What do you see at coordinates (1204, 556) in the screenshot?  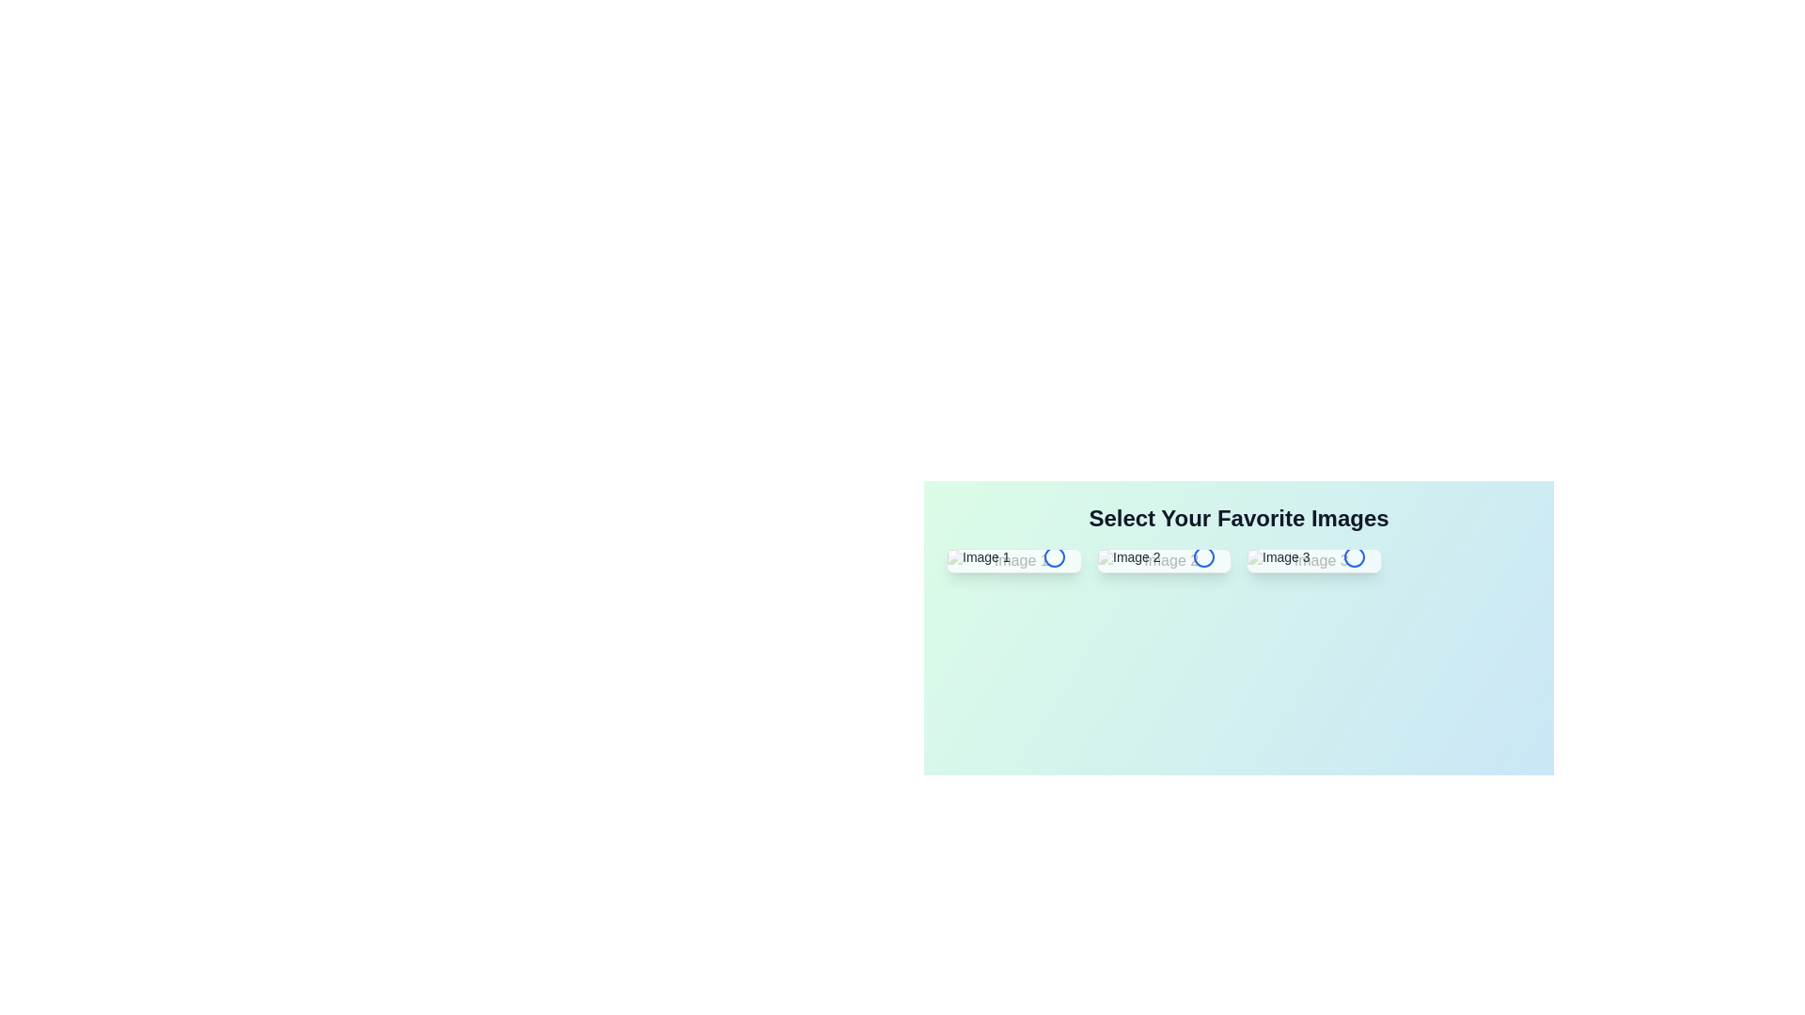 I see `selection icon button for the image tile labeled Image 2` at bounding box center [1204, 556].